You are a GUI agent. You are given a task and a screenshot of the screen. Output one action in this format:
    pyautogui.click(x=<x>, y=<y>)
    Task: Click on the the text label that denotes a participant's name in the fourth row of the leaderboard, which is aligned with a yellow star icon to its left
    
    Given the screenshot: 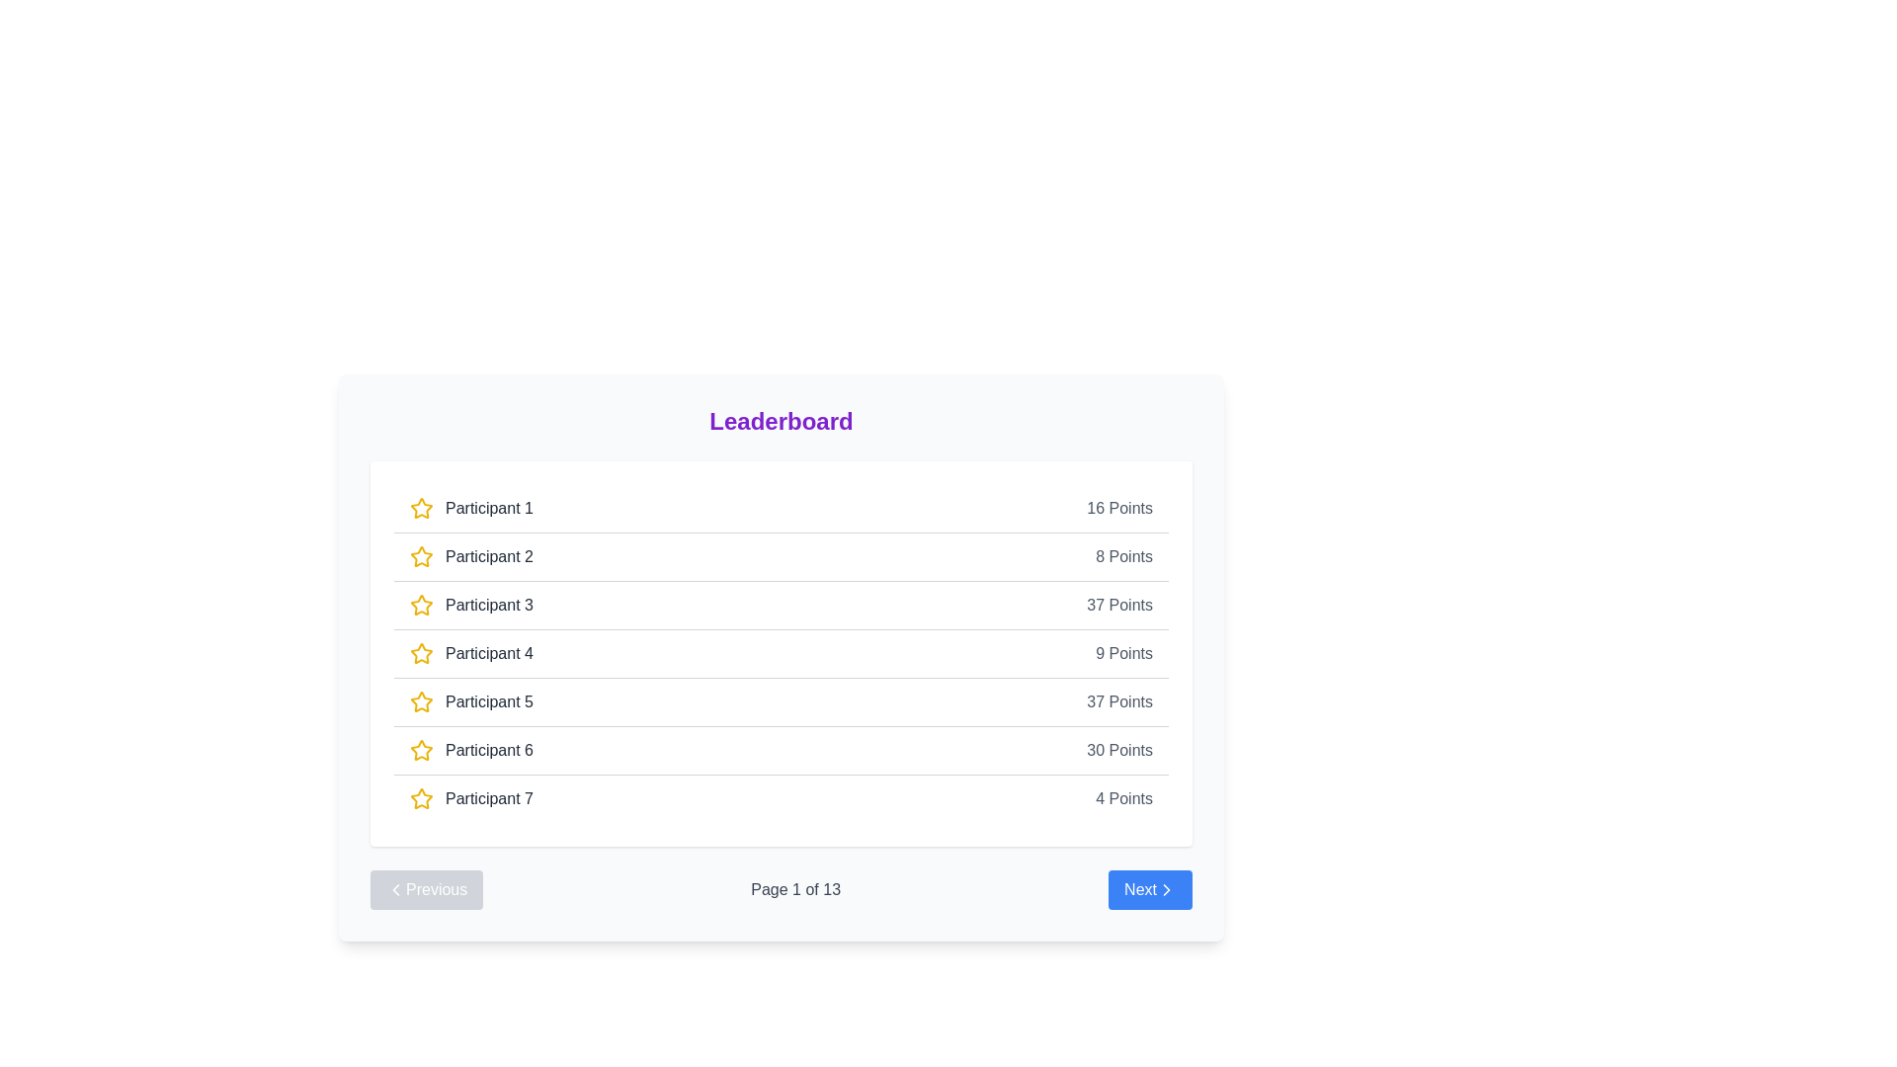 What is the action you would take?
    pyautogui.click(x=470, y=654)
    